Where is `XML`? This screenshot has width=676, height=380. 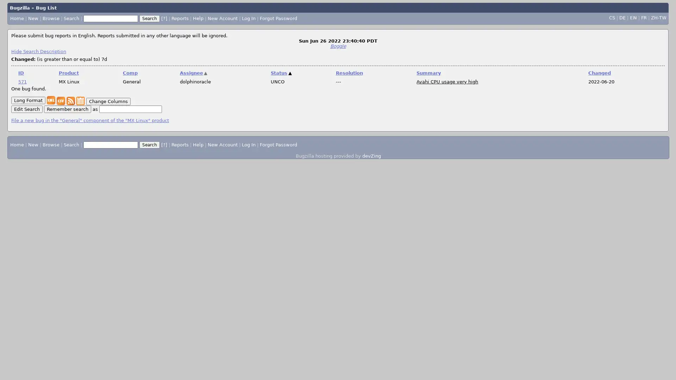
XML is located at coordinates (50, 101).